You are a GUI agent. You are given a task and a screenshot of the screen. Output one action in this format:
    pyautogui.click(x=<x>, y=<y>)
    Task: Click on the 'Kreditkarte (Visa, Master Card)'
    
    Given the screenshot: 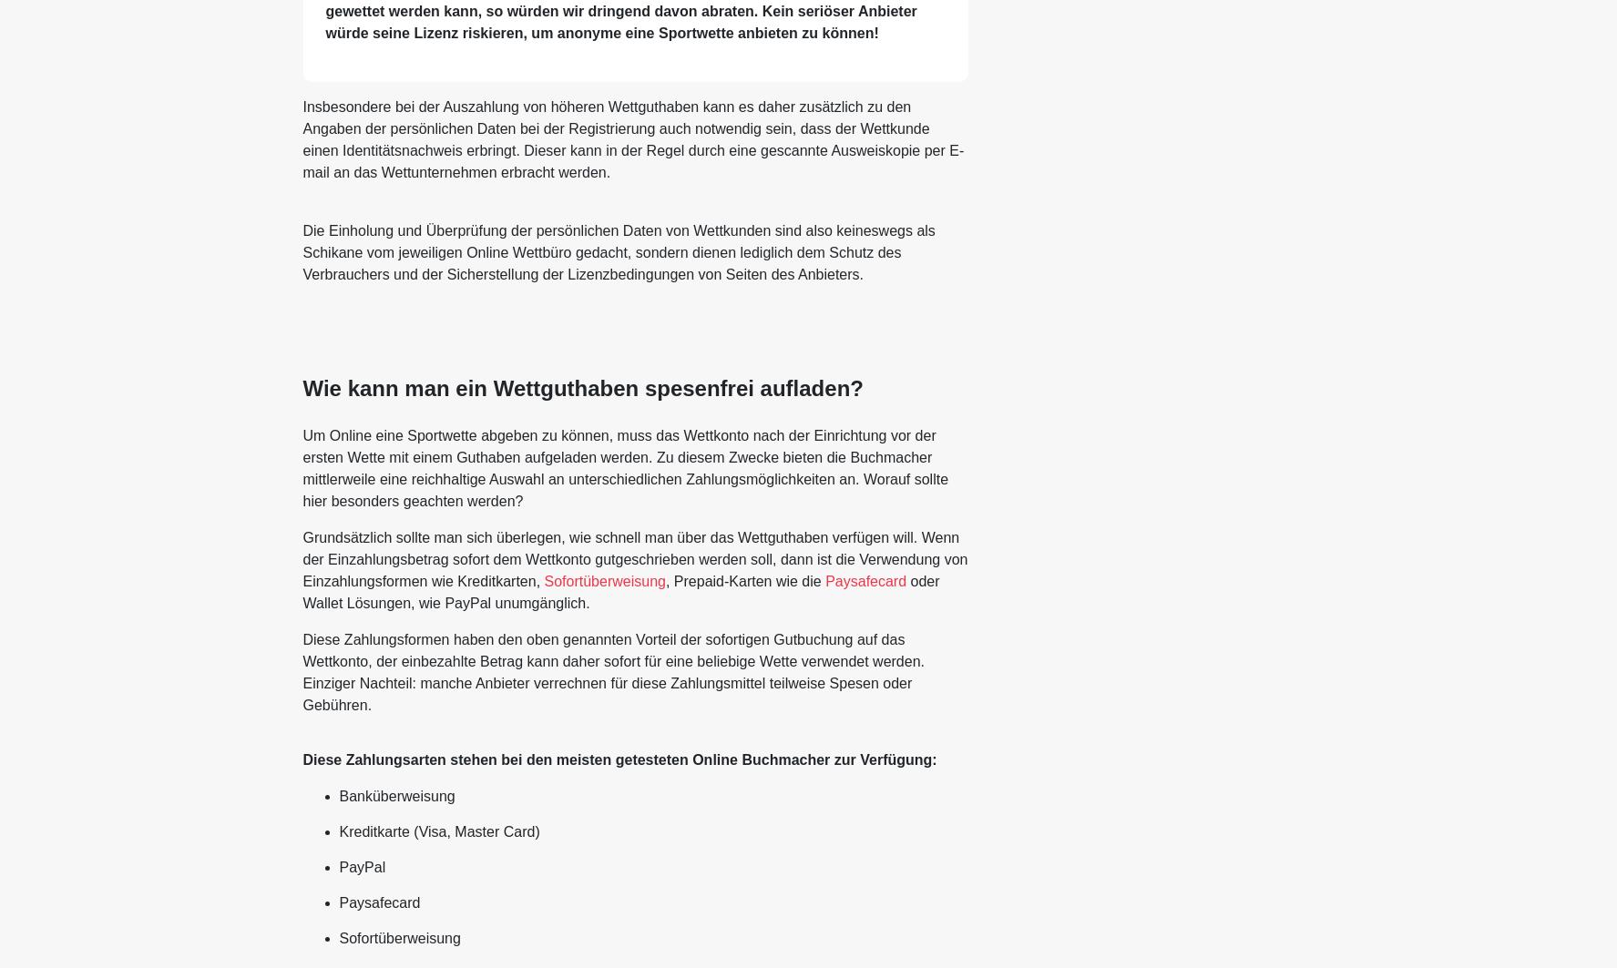 What is the action you would take?
    pyautogui.click(x=438, y=830)
    